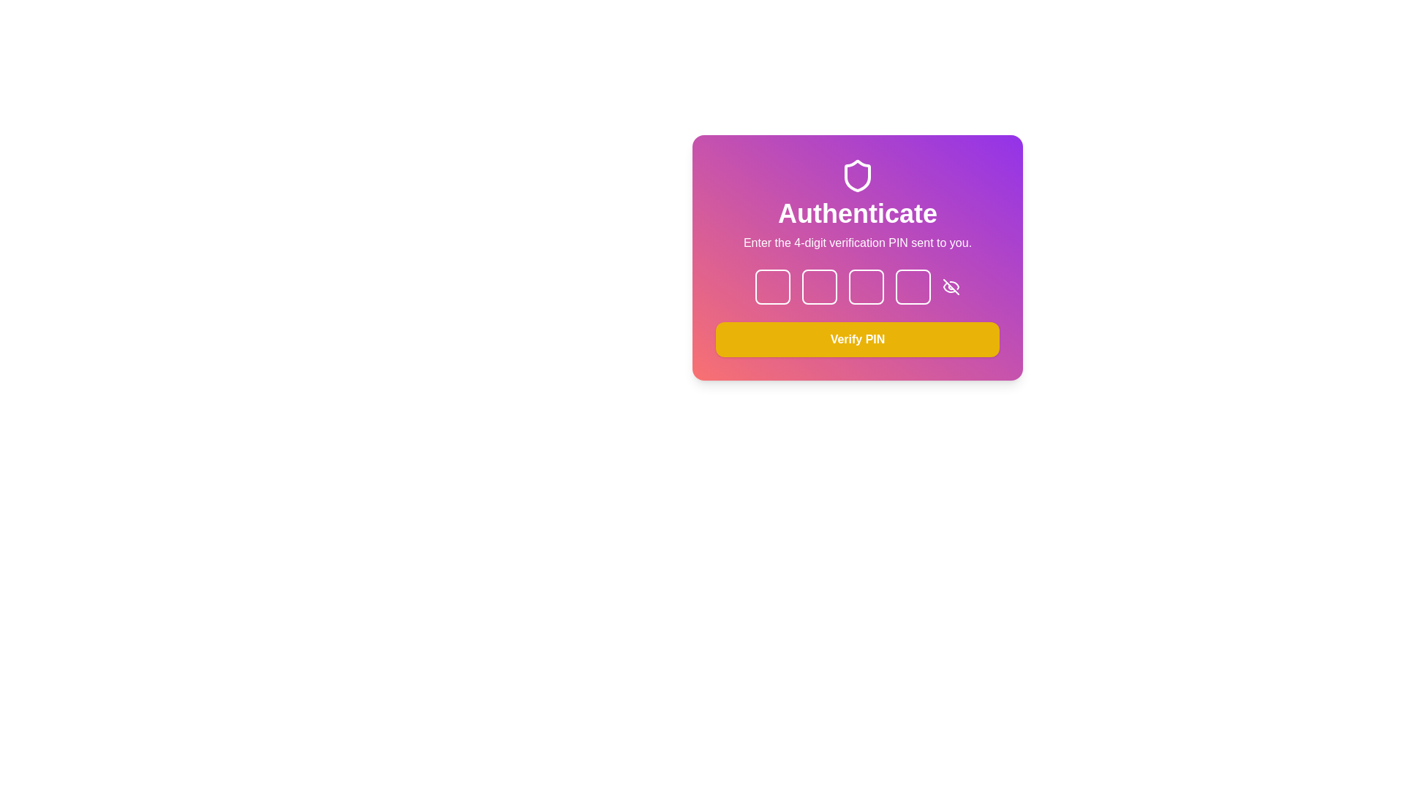  I want to click on instructions from the text label displaying 'Enter the 4-digit verification PIN sent to you.' located below the heading 'Authenticate.', so click(857, 242).